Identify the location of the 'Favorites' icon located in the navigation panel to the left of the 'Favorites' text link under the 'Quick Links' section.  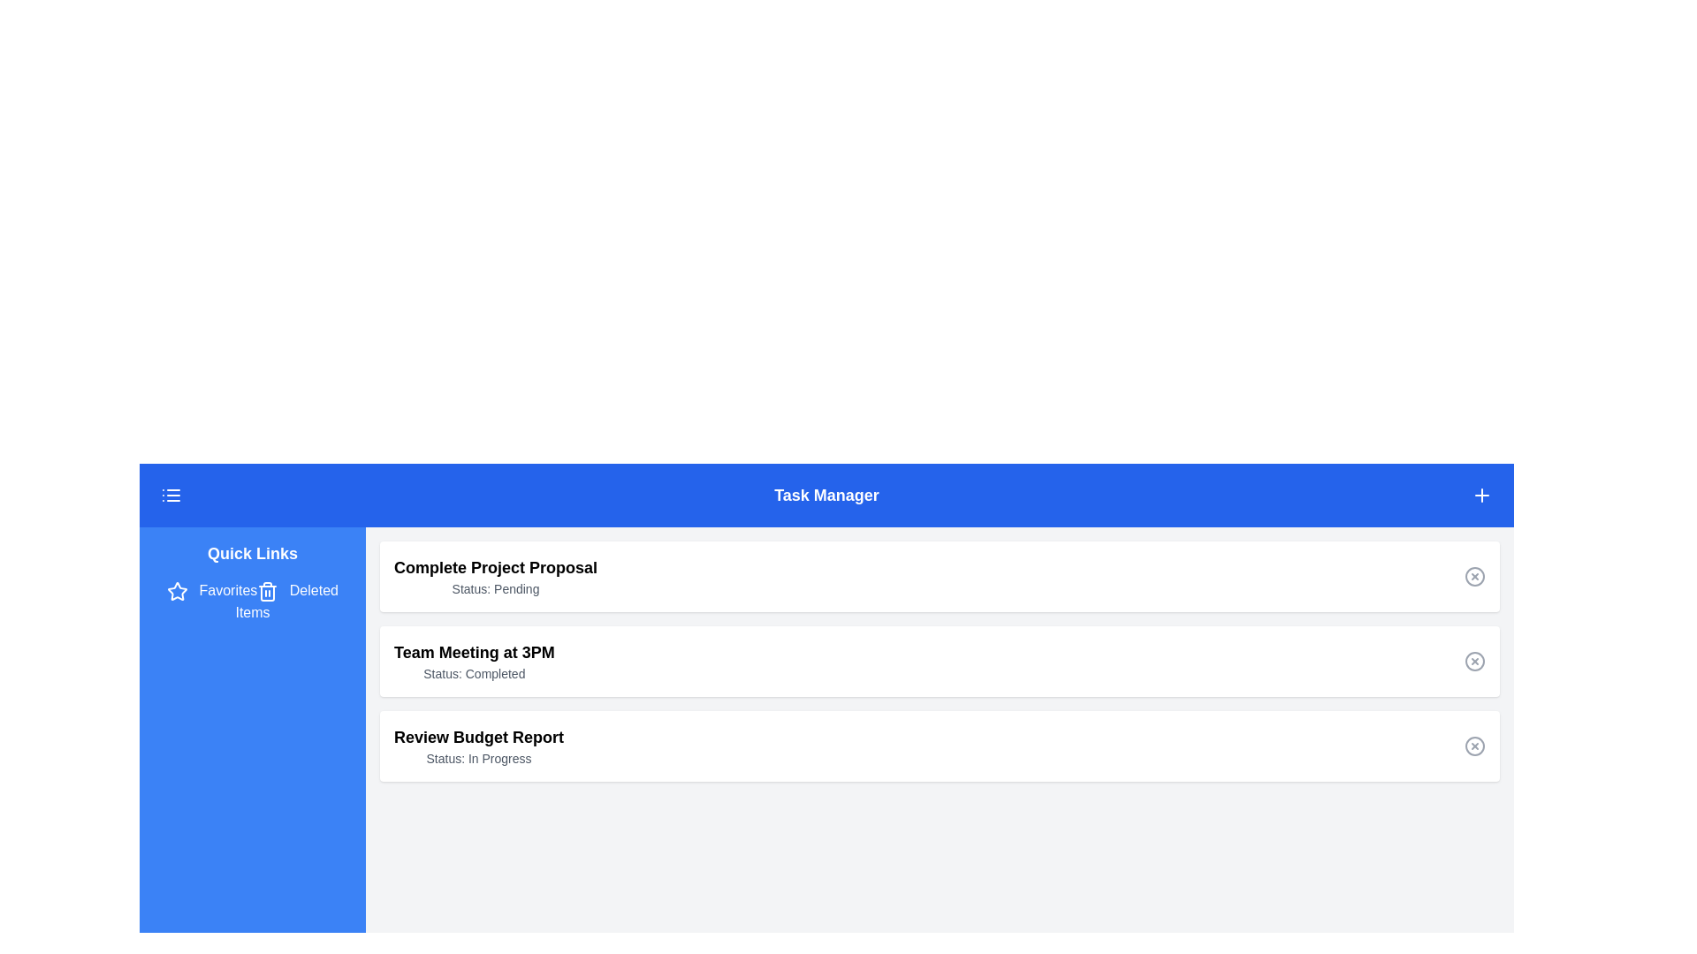
(178, 591).